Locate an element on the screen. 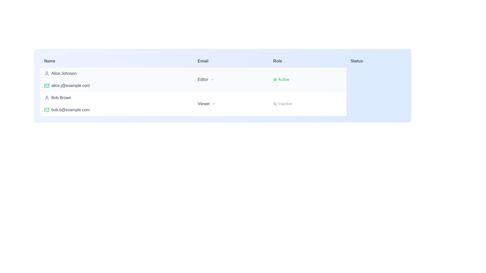 Image resolution: width=486 pixels, height=273 pixels. the eye-shaped icon's outline, which is located under the 'Role' column, near the green 'Active' text is located at coordinates (275, 80).